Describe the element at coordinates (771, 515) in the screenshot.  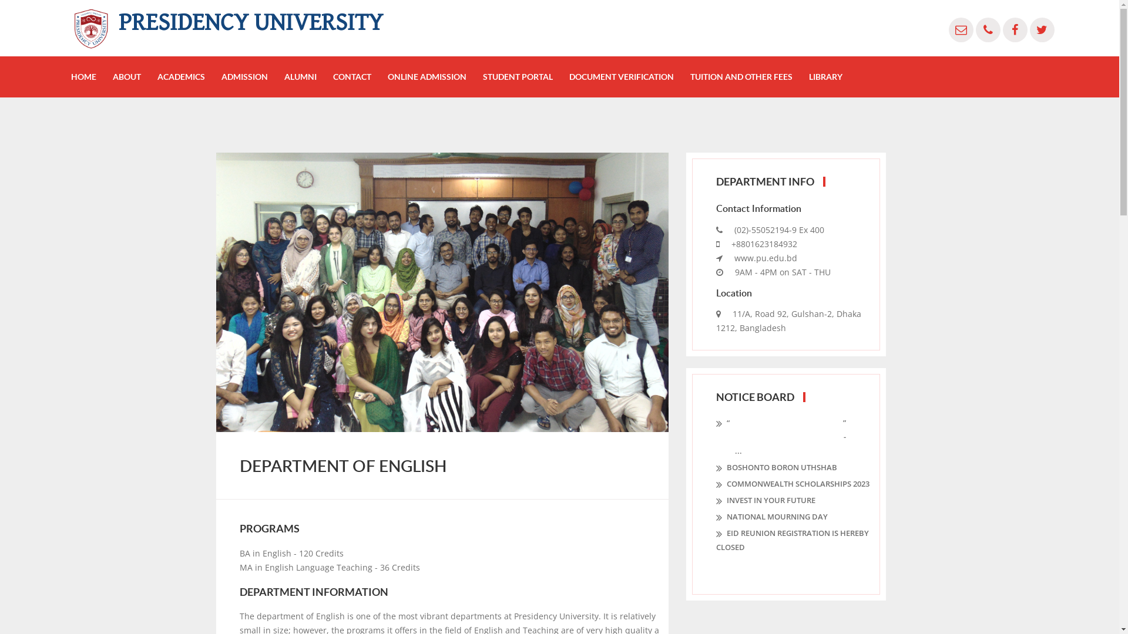
I see `'NATIONAL MOURNING DAY'` at that location.